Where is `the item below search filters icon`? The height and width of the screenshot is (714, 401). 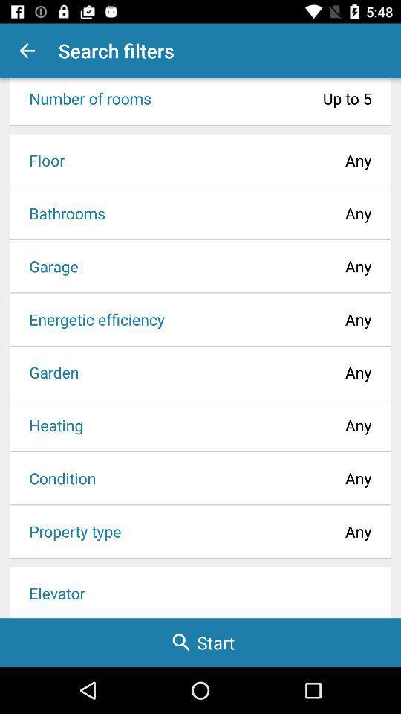 the item below search filters icon is located at coordinates (265, 97).